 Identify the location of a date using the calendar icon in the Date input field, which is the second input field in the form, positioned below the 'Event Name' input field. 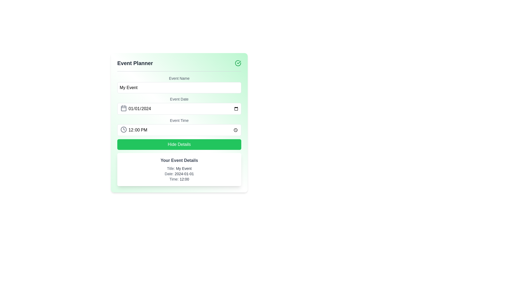
(179, 106).